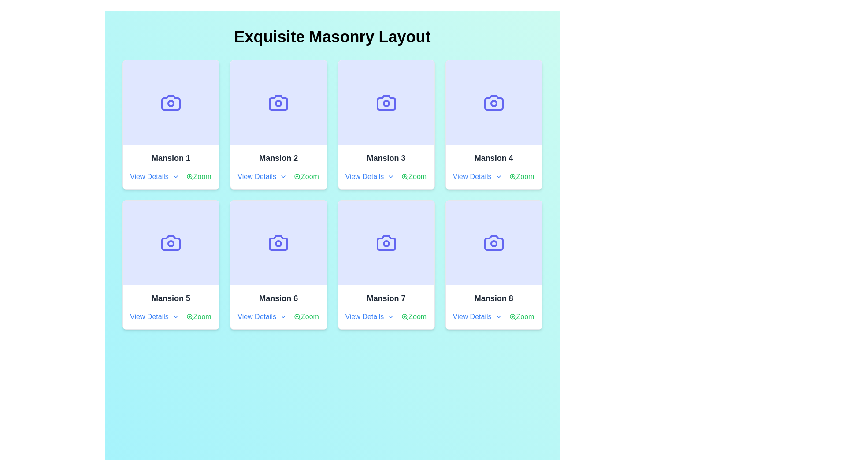  Describe the element at coordinates (198, 316) in the screenshot. I see `the second interactive link in the 'Mansion 5' card` at that location.